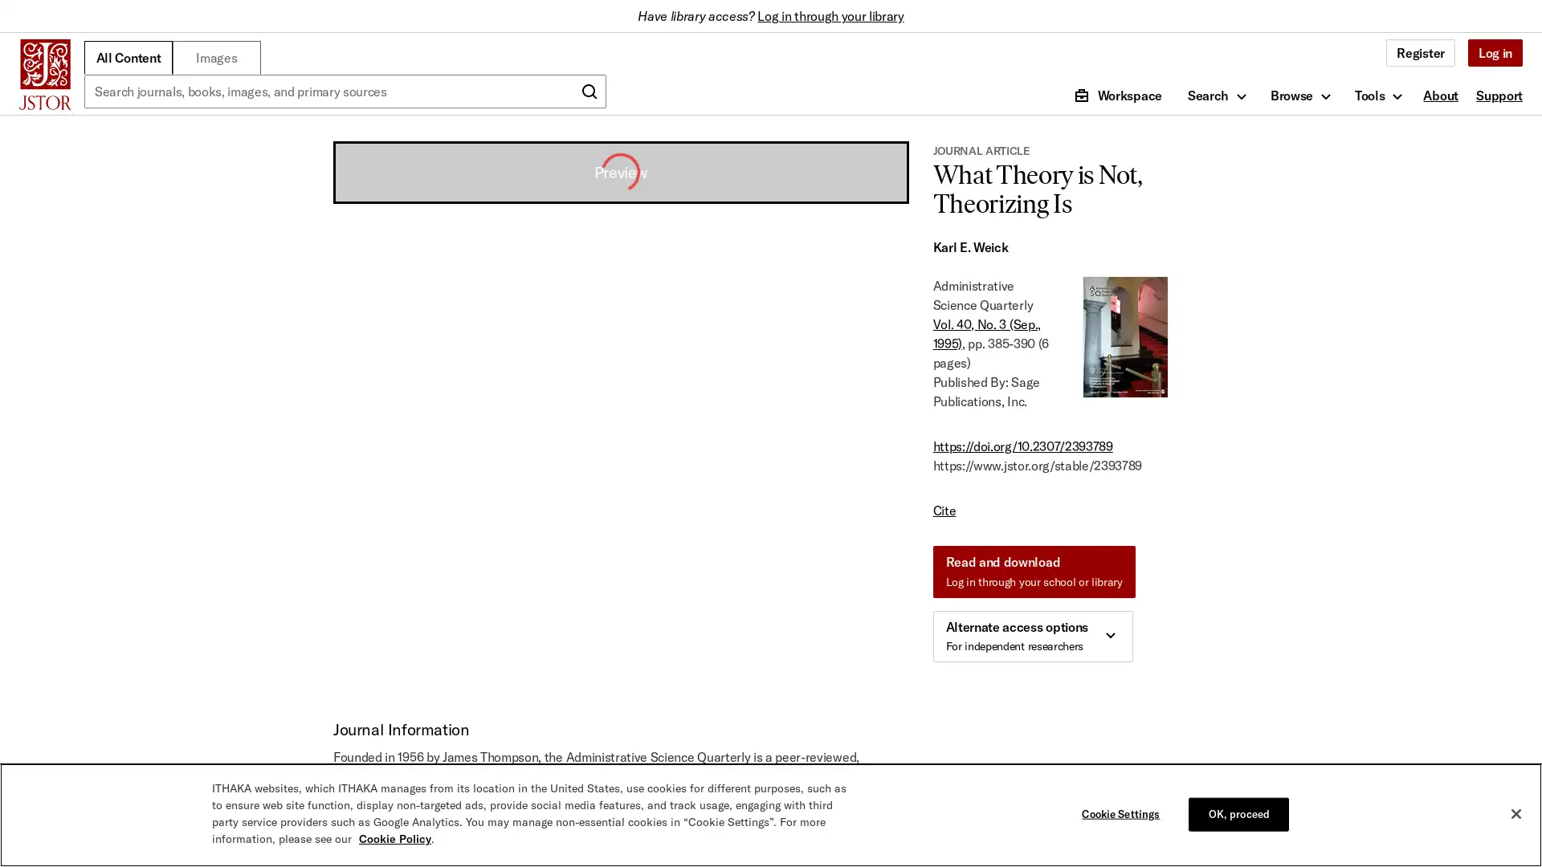 The height and width of the screenshot is (867, 1542). I want to click on Log in, so click(1494, 51).